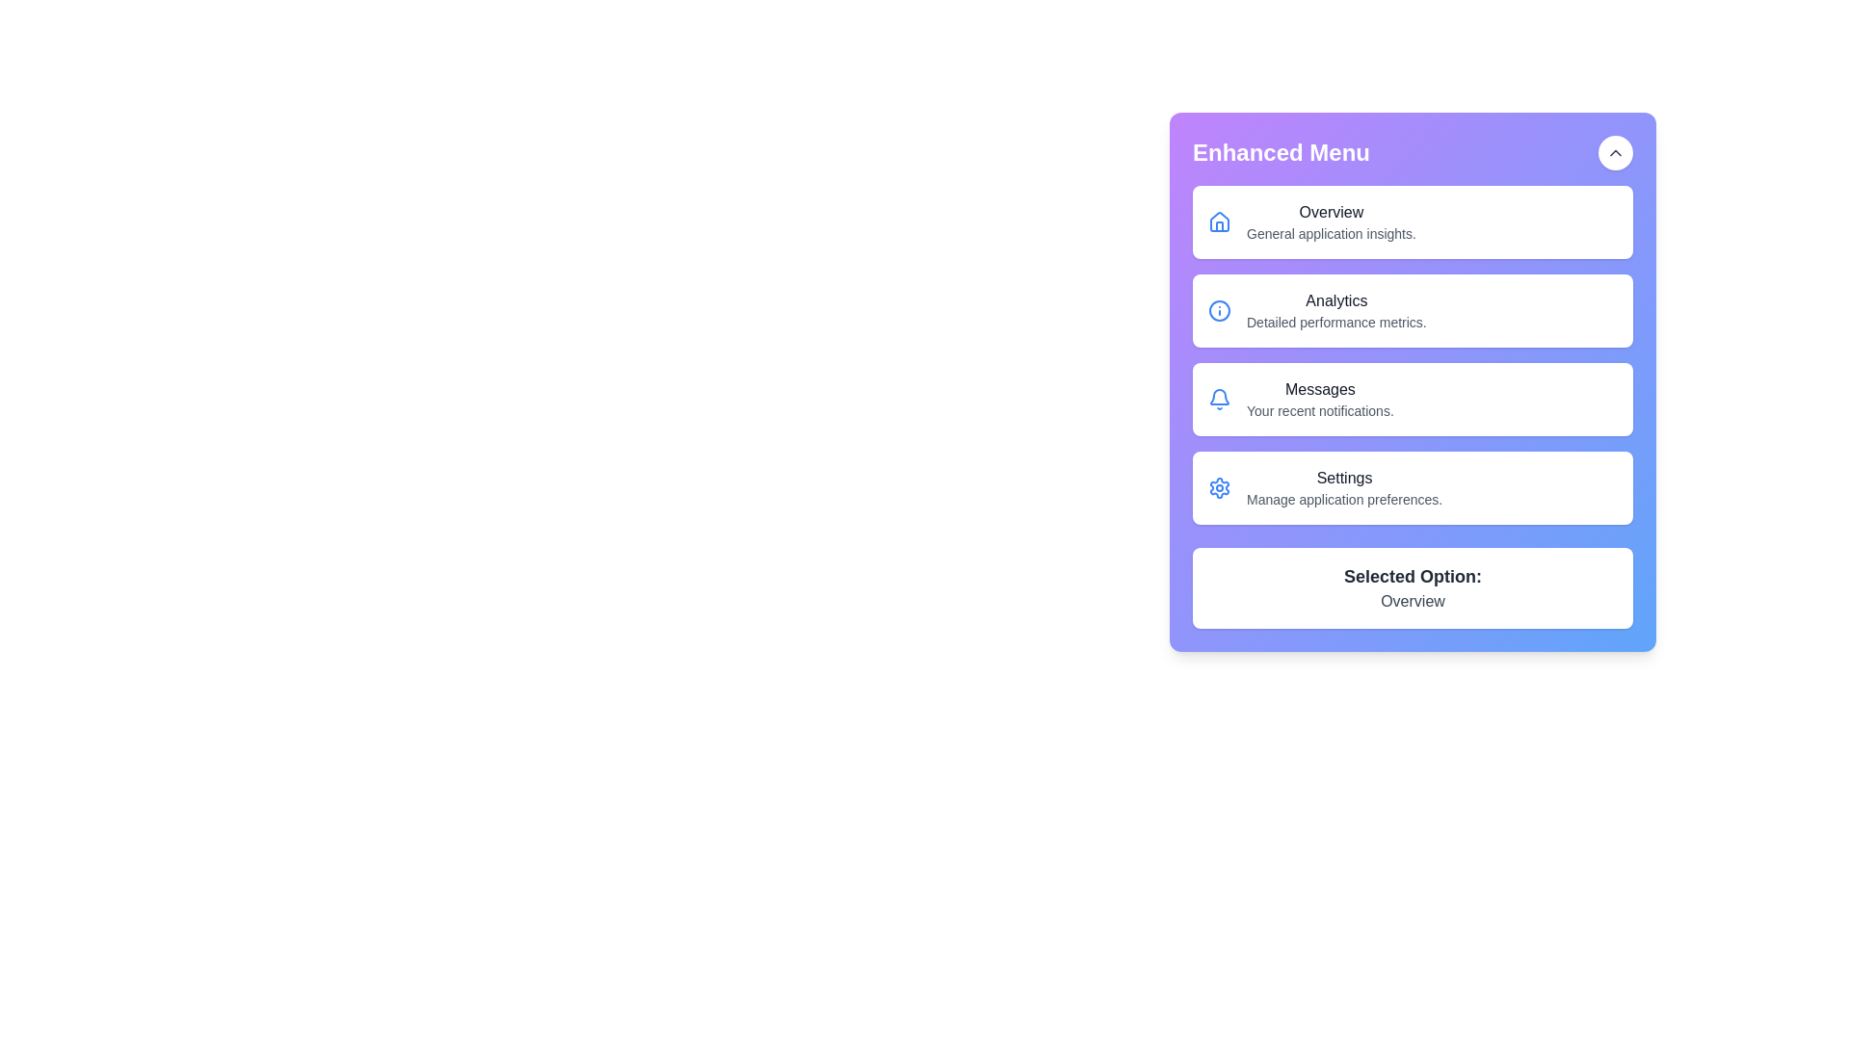 The image size is (1850, 1040). What do you see at coordinates (1219, 486) in the screenshot?
I see `the blue gear-shaped icon located in the settings menu, which is the leftmost element in the fourth interactive row labeled 'Settings'` at bounding box center [1219, 486].